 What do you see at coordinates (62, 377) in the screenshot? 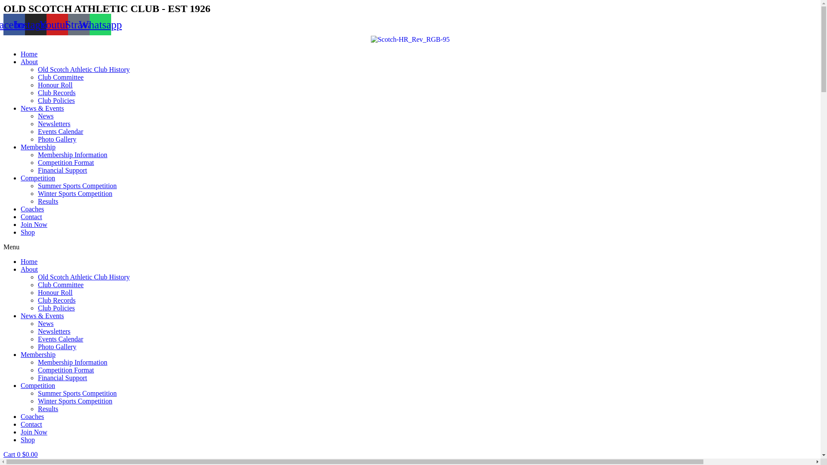
I see `'Financial Support'` at bounding box center [62, 377].